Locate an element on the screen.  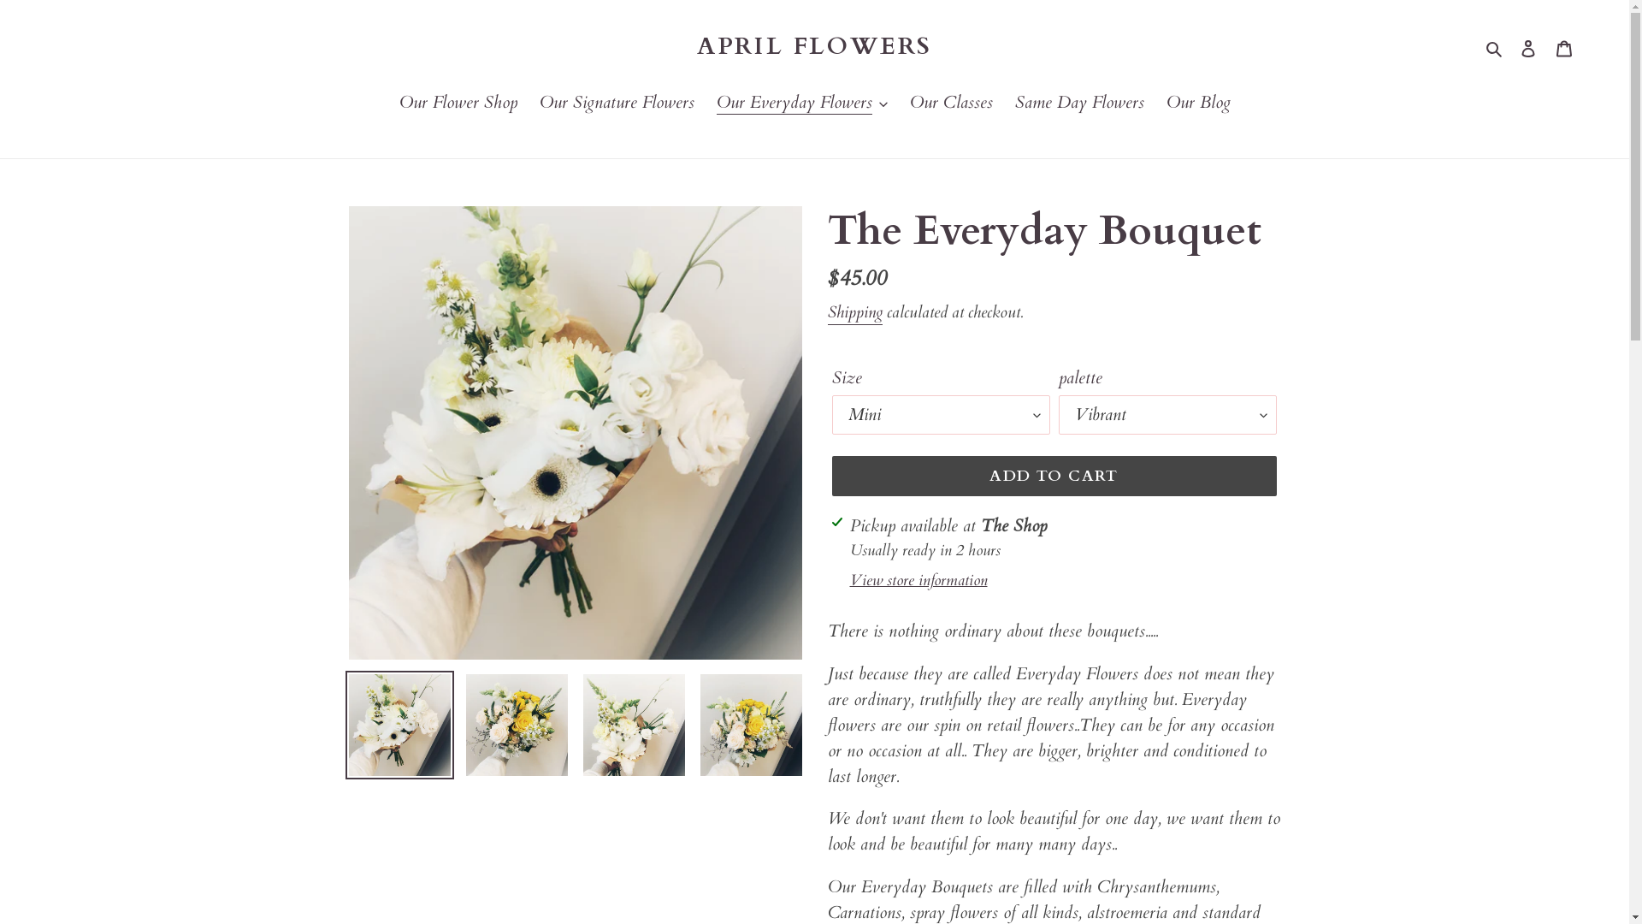
'Our Classes' is located at coordinates (950, 104).